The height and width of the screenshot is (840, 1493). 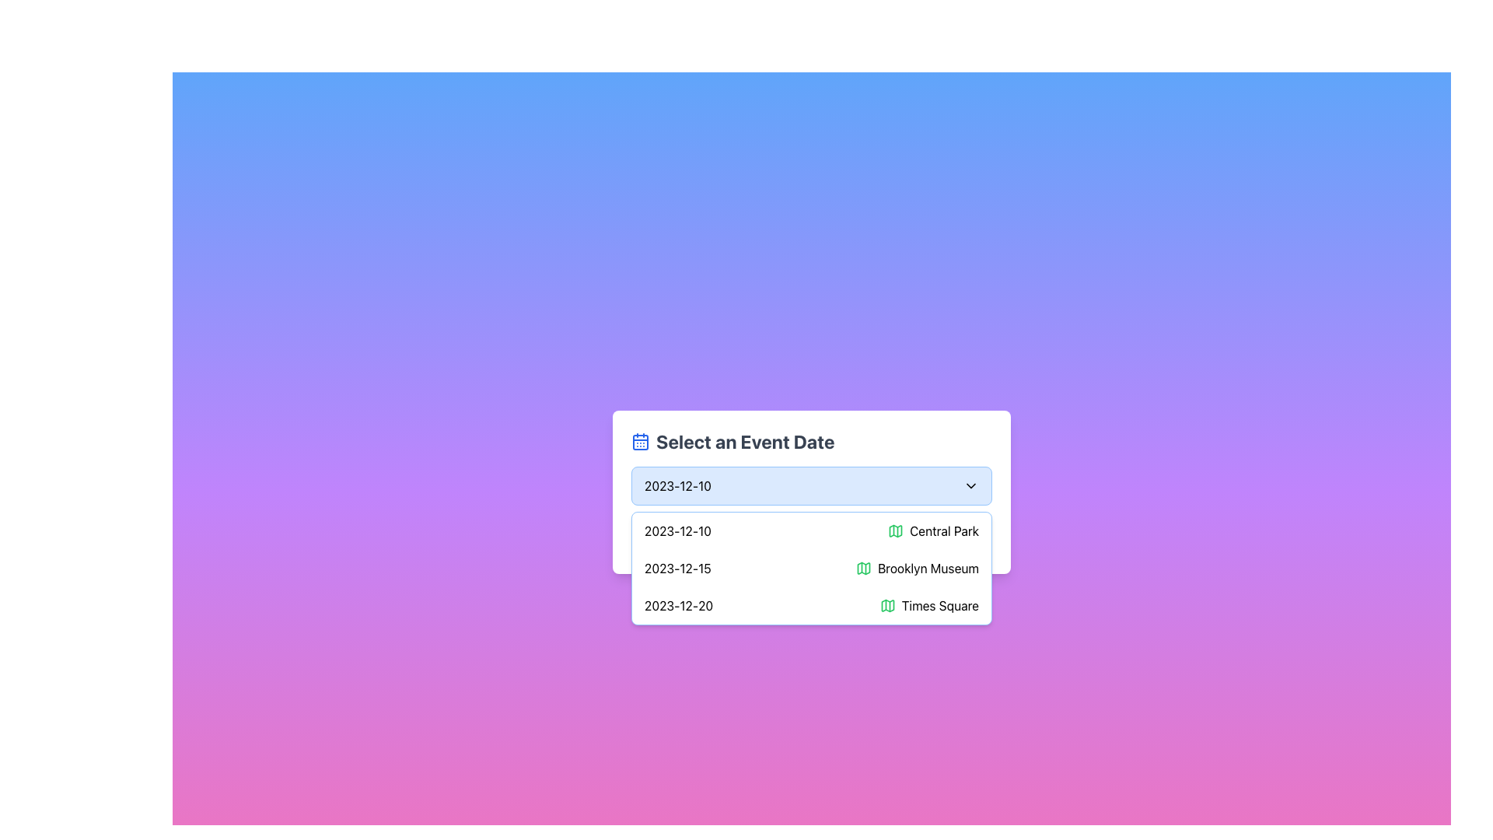 I want to click on the map-shaped green icon located to the left of the 'Central Park' label in the event selection dropdown, so click(x=896, y=530).